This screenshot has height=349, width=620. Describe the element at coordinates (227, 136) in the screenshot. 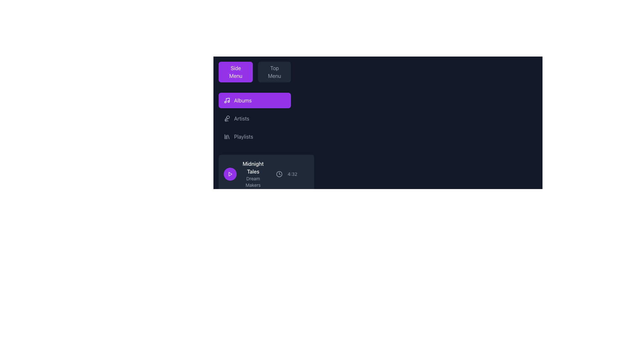

I see `symbolic information of the vertically aligned icon resembling books or stacked lines, which is adjacent to the 'Playlists' text in the sidebar navigation` at that location.